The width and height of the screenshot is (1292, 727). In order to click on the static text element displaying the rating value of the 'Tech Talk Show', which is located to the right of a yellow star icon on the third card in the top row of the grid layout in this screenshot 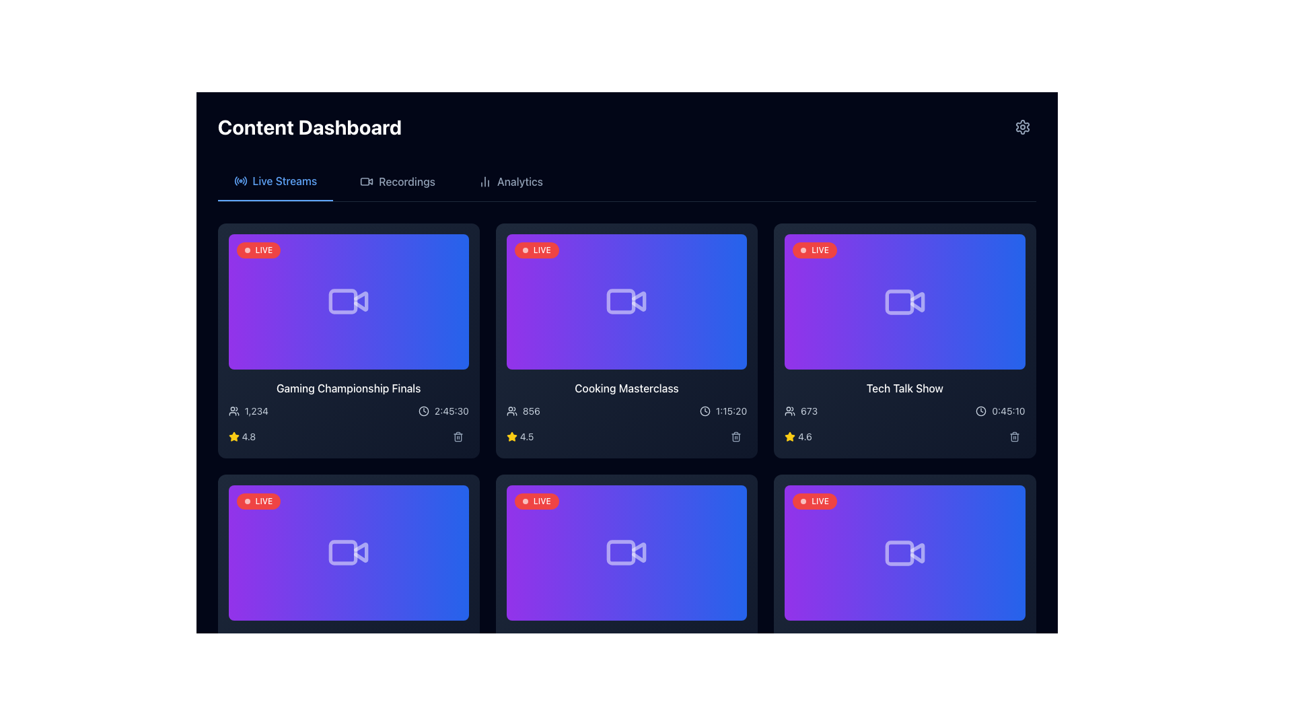, I will do `click(805, 436)`.